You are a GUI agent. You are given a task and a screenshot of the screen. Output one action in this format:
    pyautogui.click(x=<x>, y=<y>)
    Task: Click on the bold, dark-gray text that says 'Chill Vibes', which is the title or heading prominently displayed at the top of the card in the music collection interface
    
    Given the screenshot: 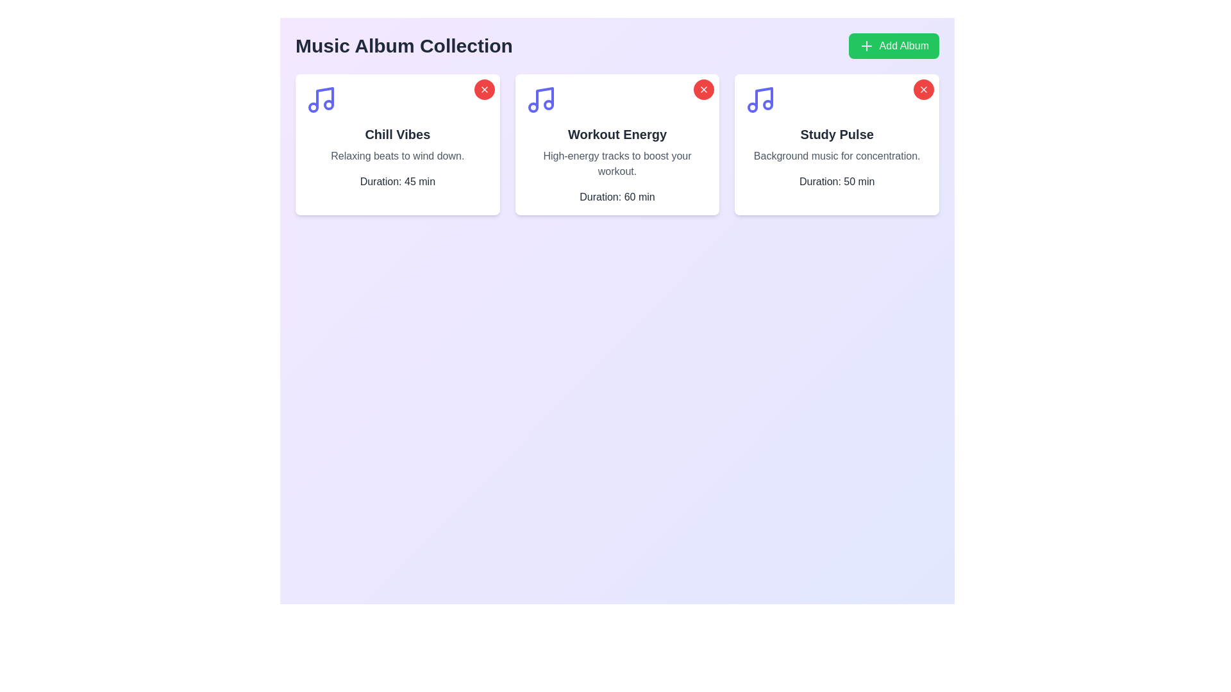 What is the action you would take?
    pyautogui.click(x=397, y=134)
    